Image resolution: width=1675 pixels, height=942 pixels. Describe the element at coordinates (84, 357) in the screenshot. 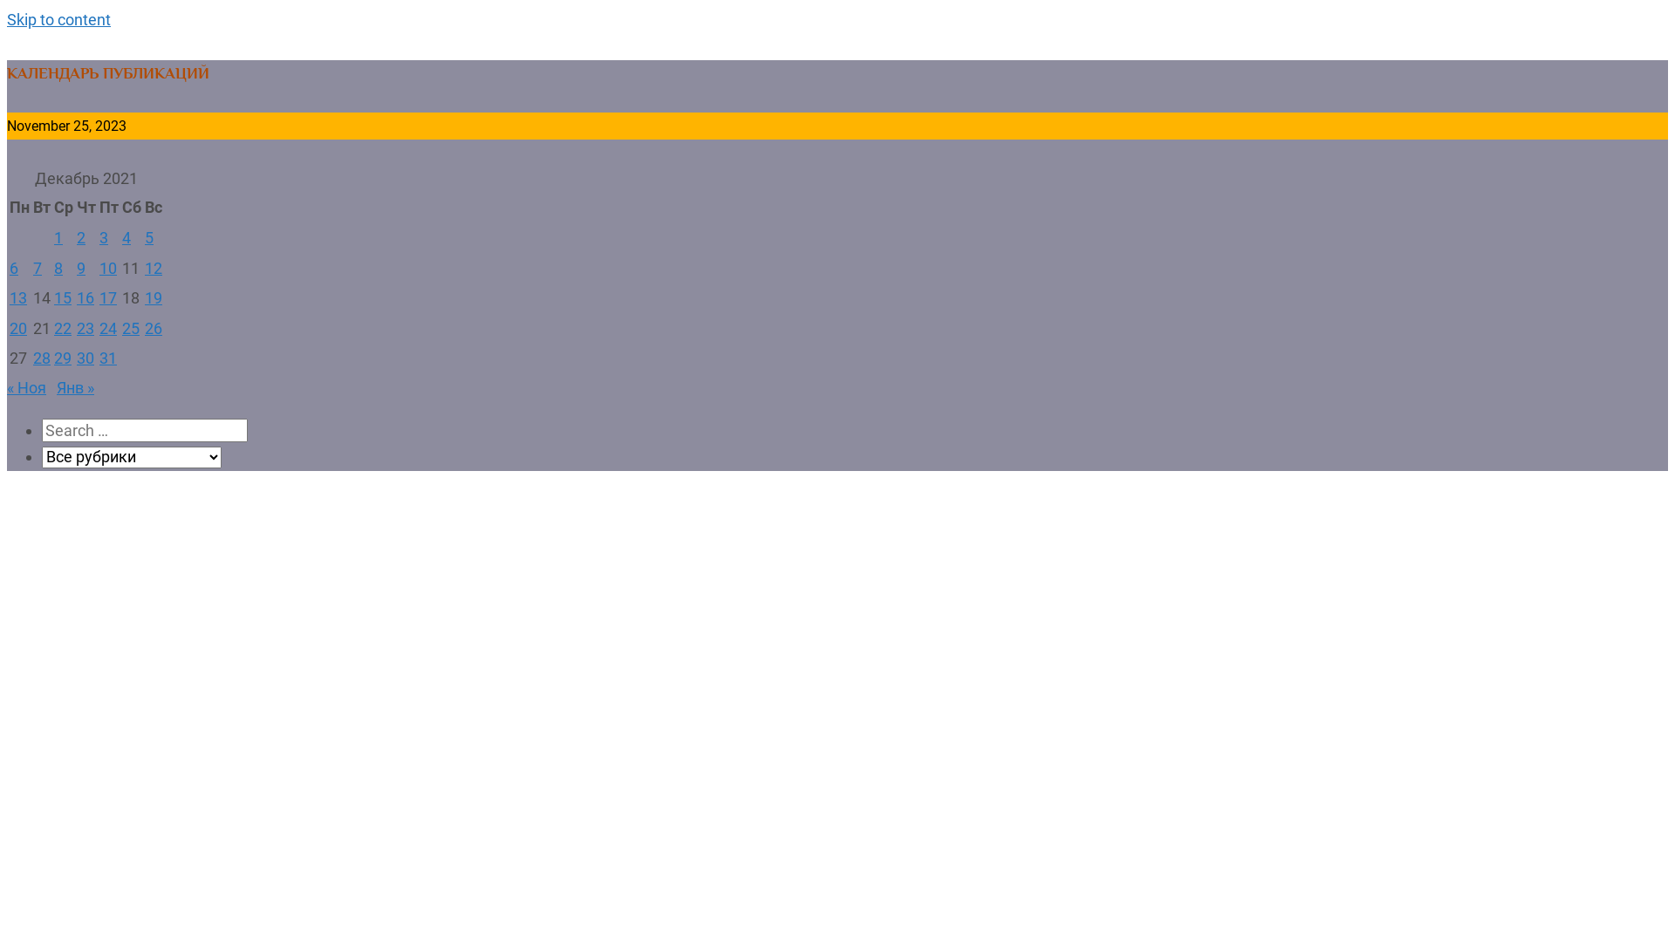

I see `'30'` at that location.